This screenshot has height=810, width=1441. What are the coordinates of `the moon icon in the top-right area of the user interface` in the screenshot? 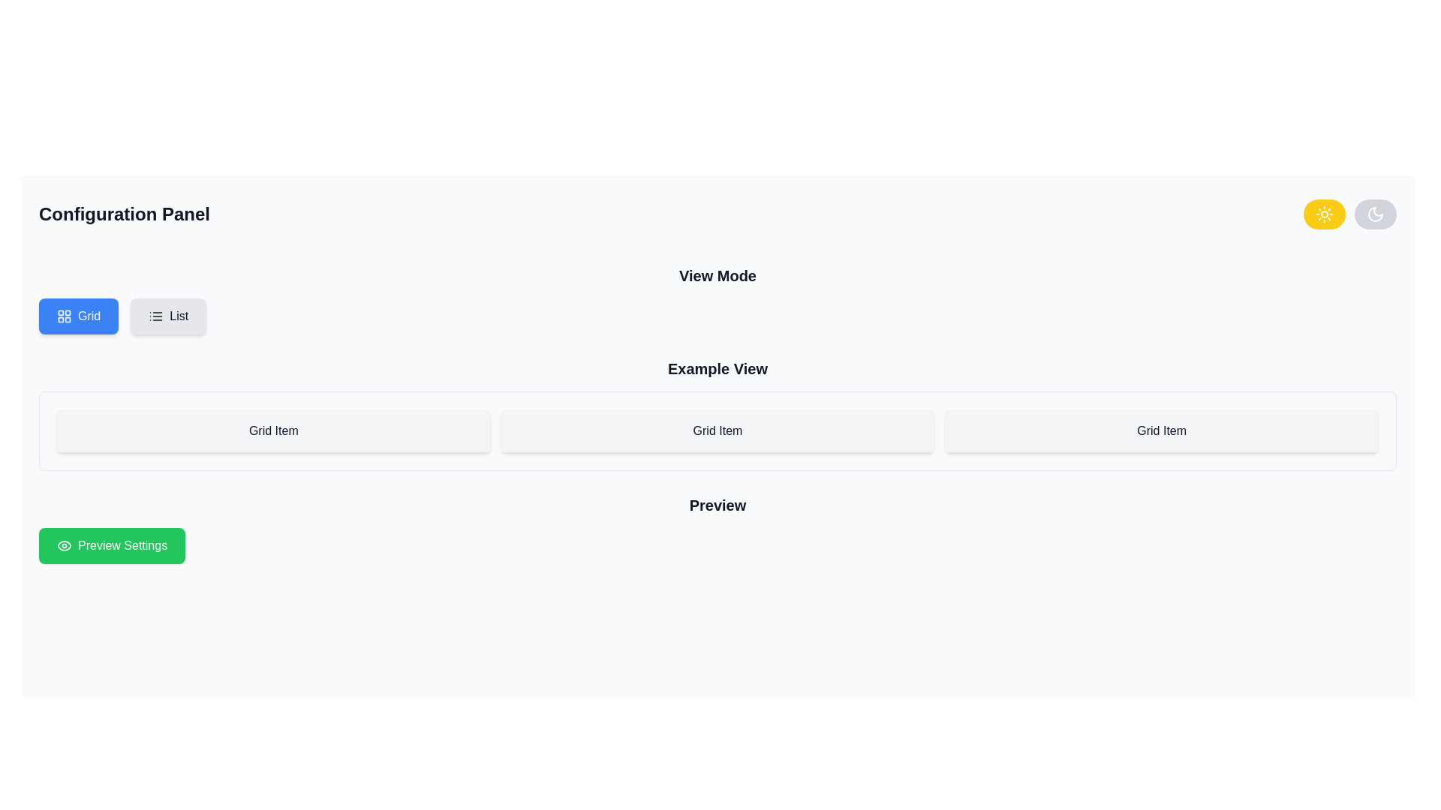 It's located at (1376, 214).